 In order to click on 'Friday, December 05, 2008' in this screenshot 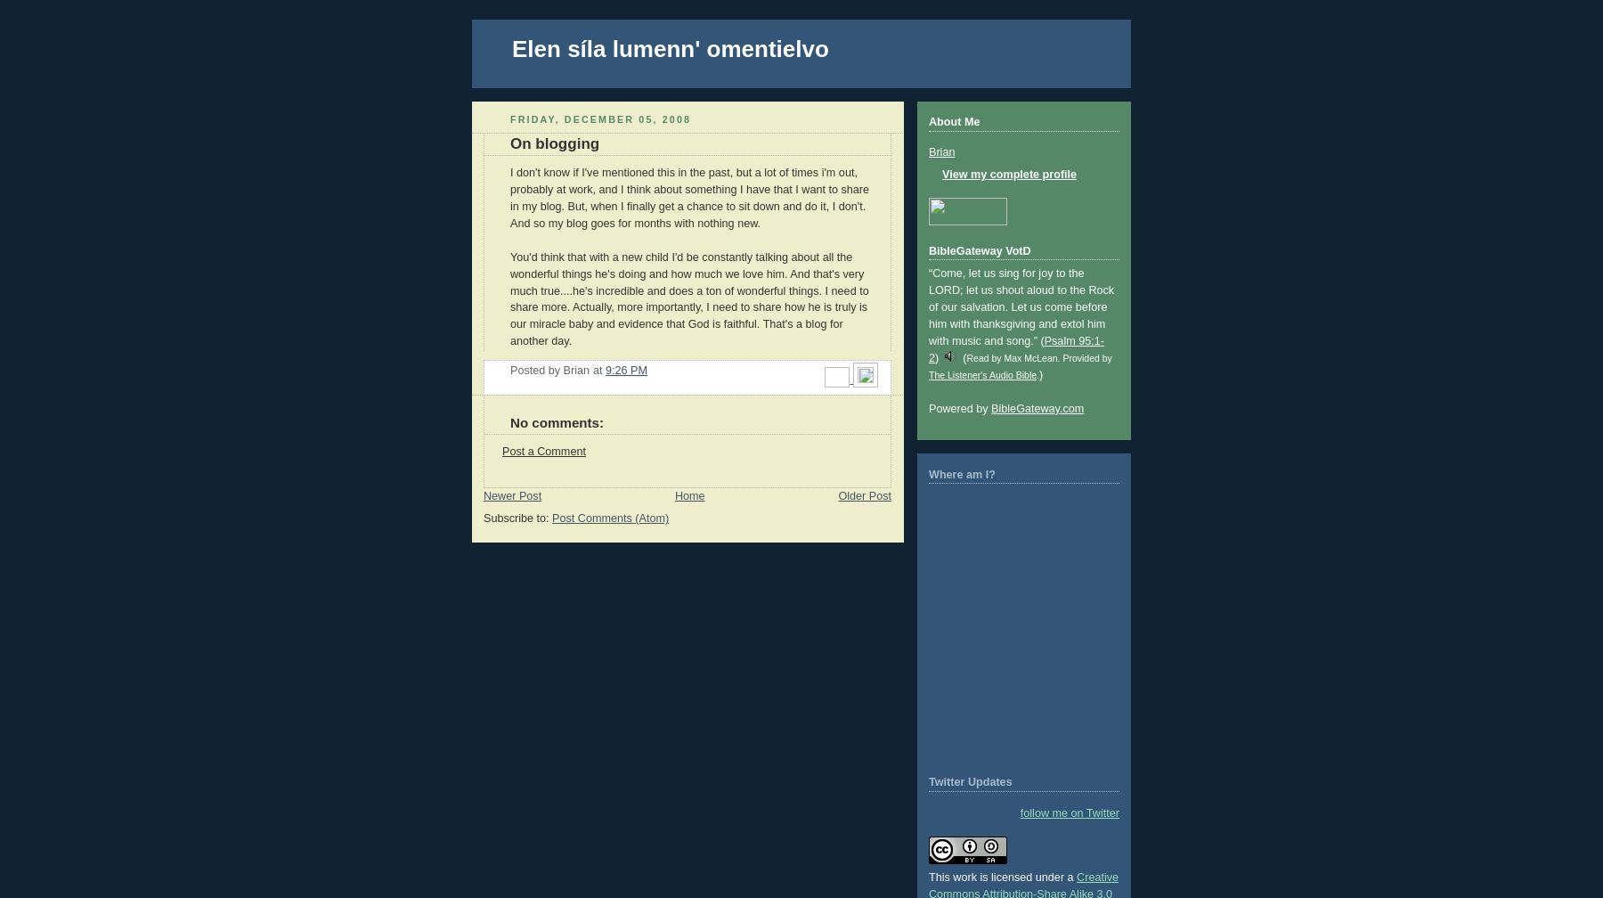, I will do `click(509, 118)`.